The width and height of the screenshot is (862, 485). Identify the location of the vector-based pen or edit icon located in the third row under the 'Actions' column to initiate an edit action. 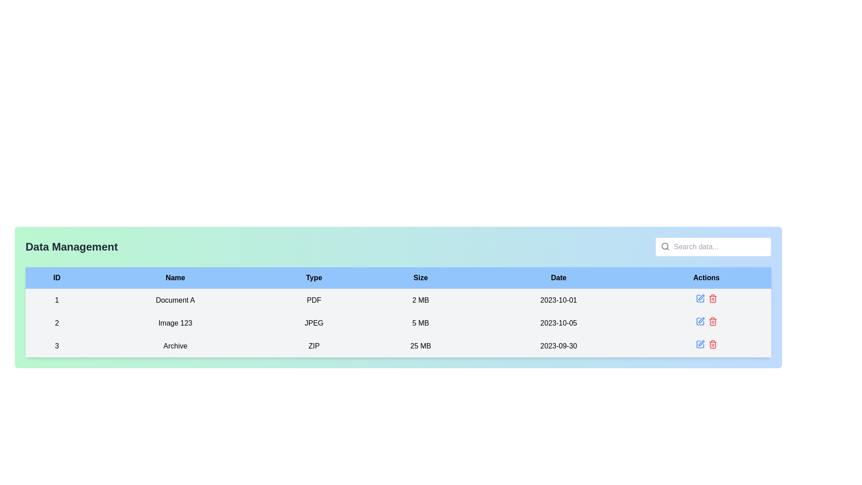
(701, 343).